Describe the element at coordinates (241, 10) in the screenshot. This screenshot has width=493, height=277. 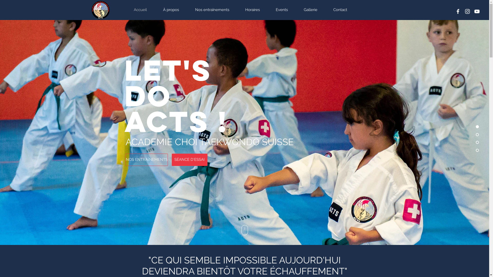
I see `'Horaires'` at that location.